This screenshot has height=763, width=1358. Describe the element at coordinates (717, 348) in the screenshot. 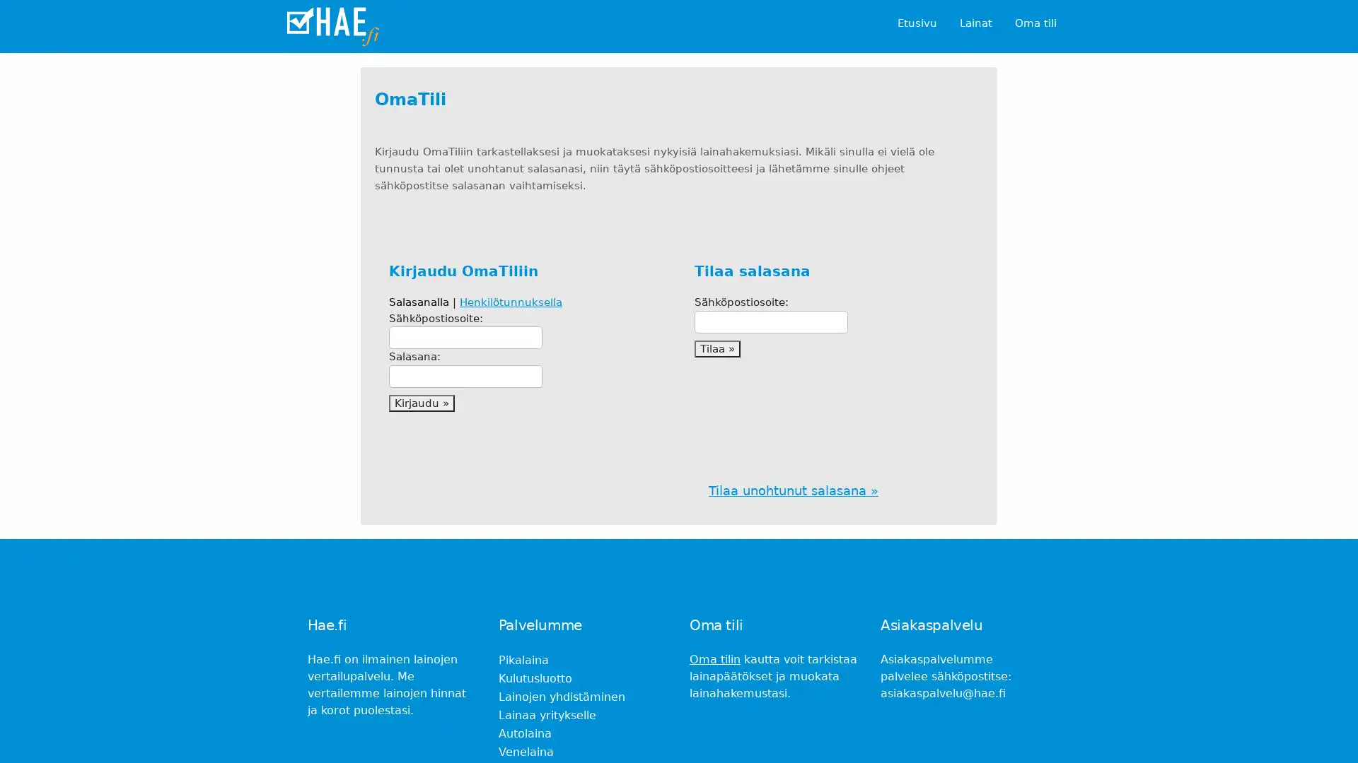

I see `Tilaa` at that location.